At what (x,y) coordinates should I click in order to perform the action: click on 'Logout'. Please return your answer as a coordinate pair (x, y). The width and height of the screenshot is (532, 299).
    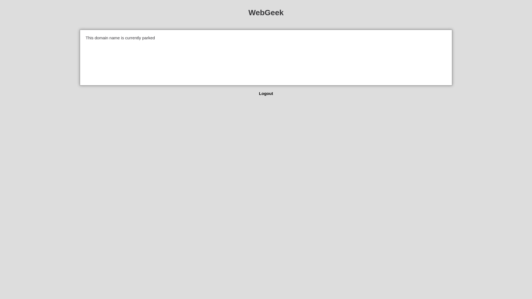
    Looking at the image, I should click on (259, 93).